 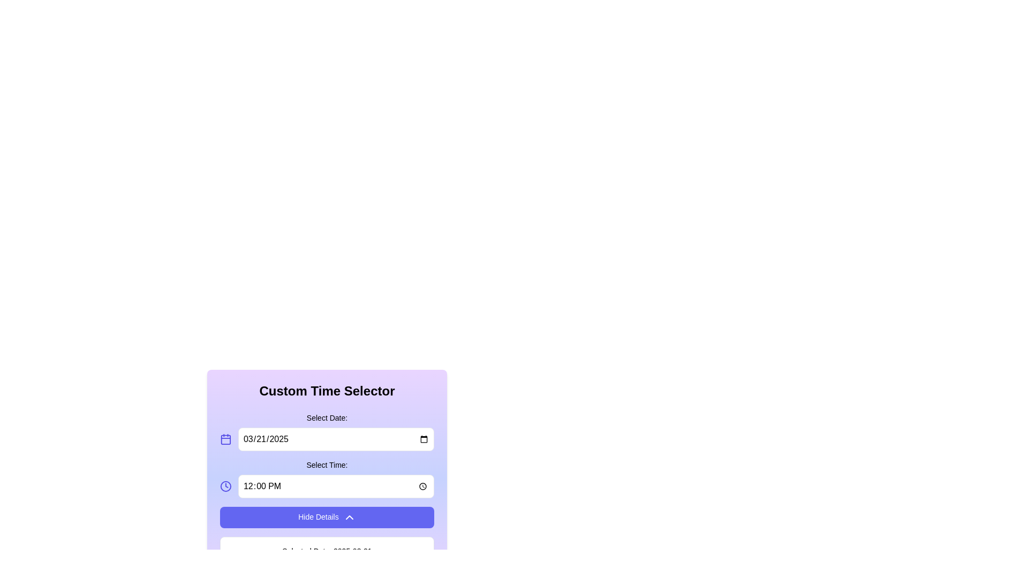 What do you see at coordinates (326, 464) in the screenshot?
I see `the text label that serves as a descriptor for the adjacent time picker input, which is centrally aligned and located above the time picker field in the form layout` at bounding box center [326, 464].